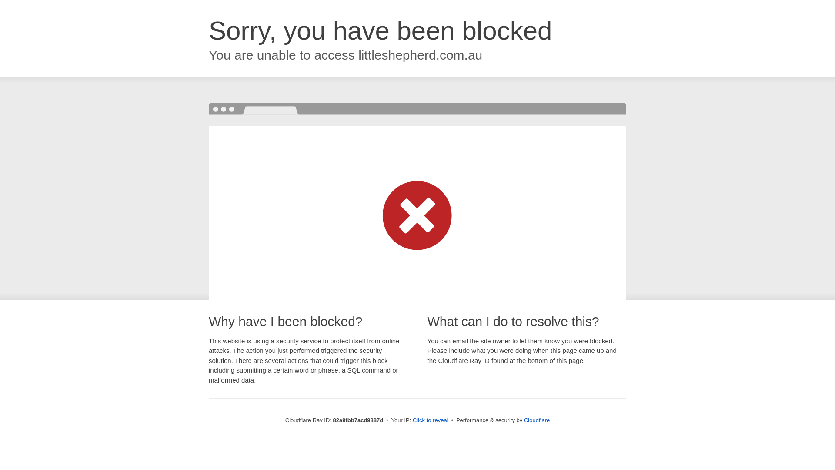  I want to click on 'Cloudflare', so click(536, 420).